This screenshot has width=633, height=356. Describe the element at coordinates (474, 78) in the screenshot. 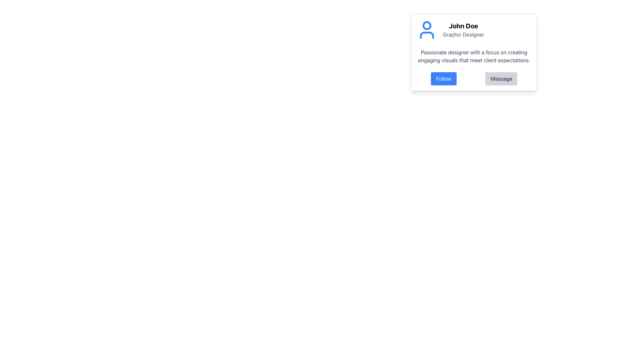

I see `the button group located at the bottom of the card component displaying user information for 'John Doe', allowing the user` at that location.